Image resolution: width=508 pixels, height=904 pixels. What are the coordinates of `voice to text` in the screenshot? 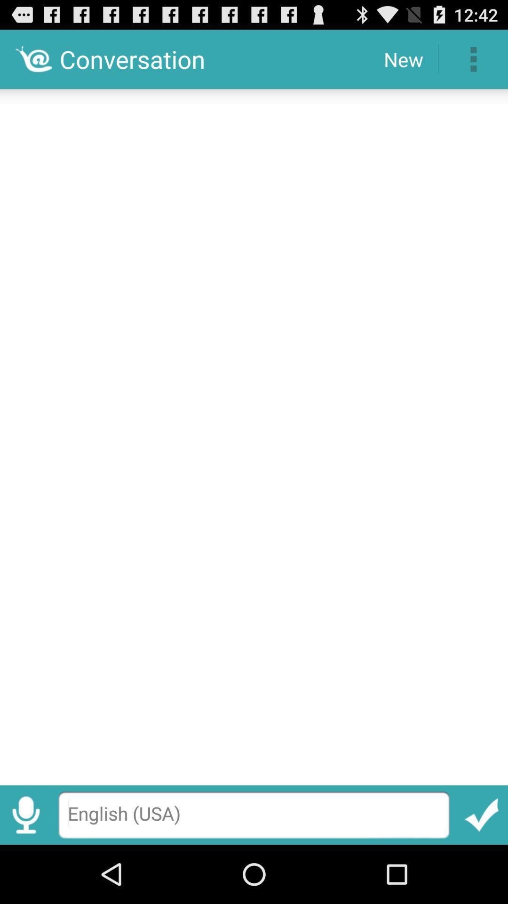 It's located at (25, 815).